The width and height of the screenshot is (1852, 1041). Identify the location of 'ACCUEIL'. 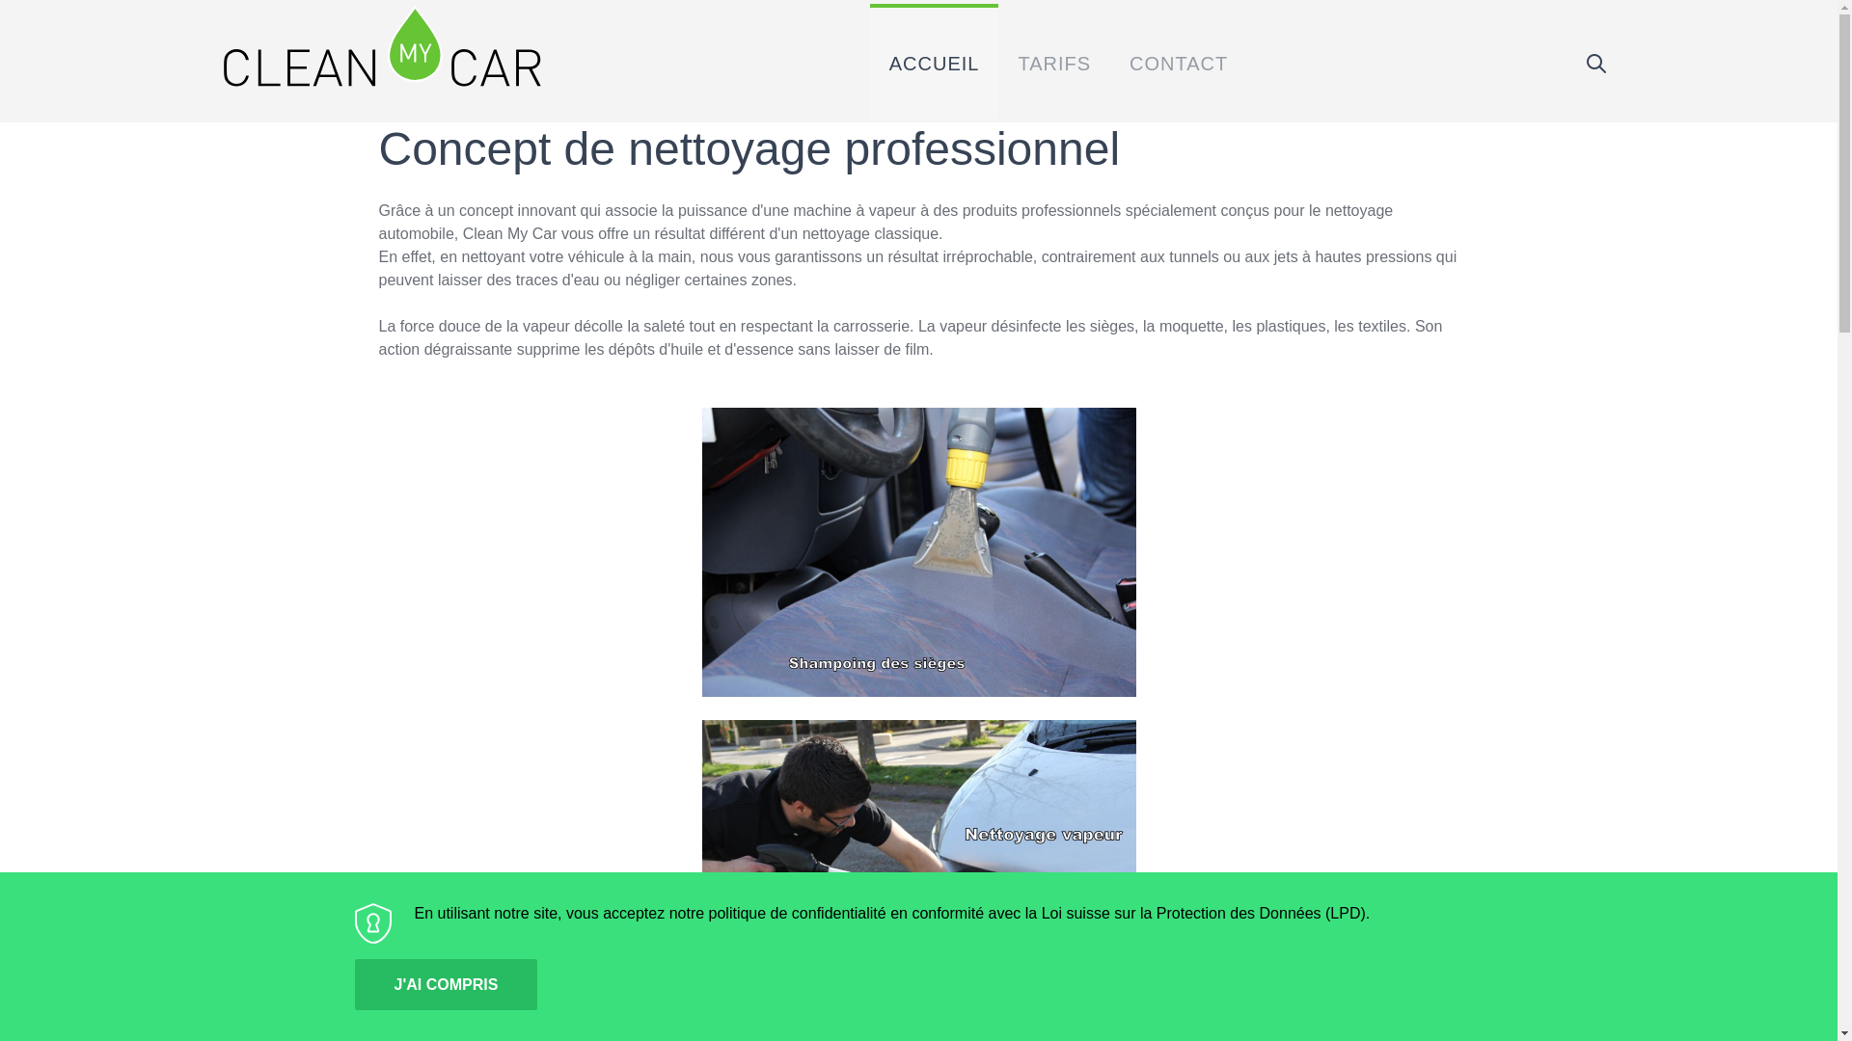
(935, 61).